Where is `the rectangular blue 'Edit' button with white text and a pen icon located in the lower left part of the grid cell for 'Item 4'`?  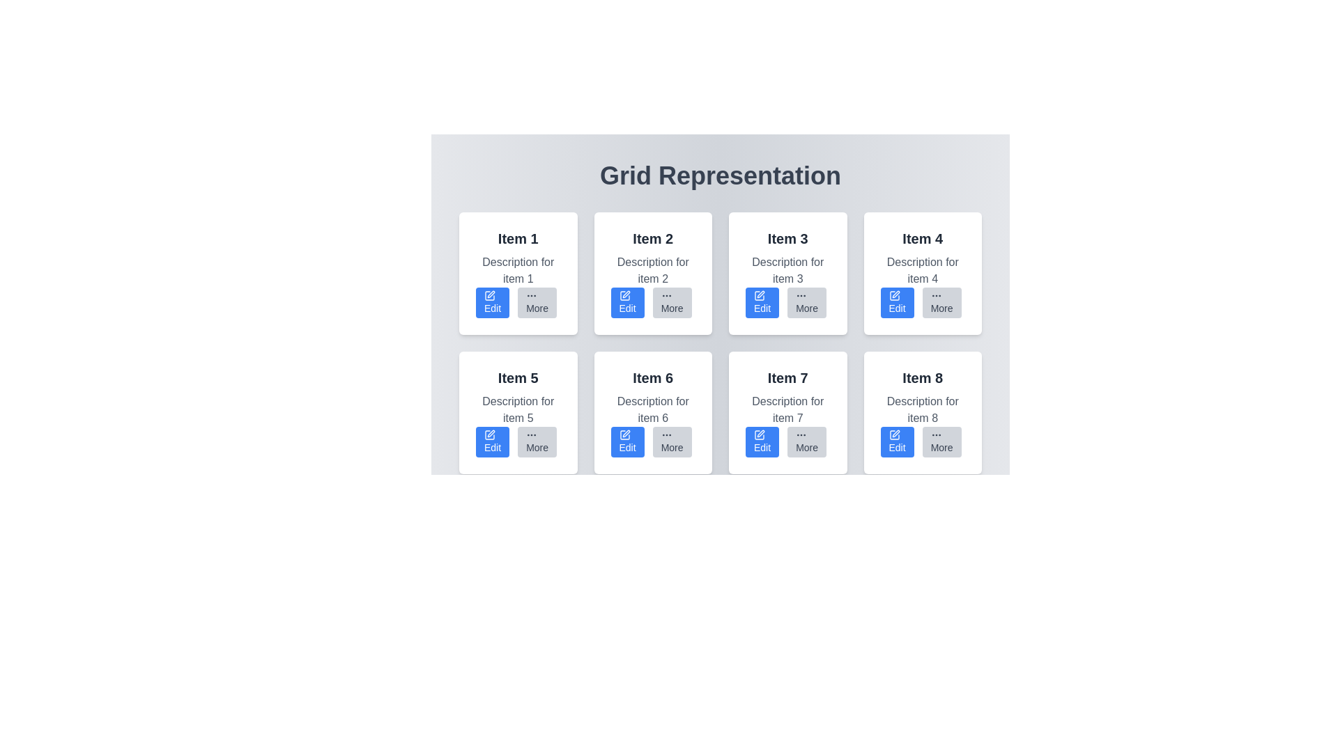
the rectangular blue 'Edit' button with white text and a pen icon located in the lower left part of the grid cell for 'Item 4' is located at coordinates (897, 302).